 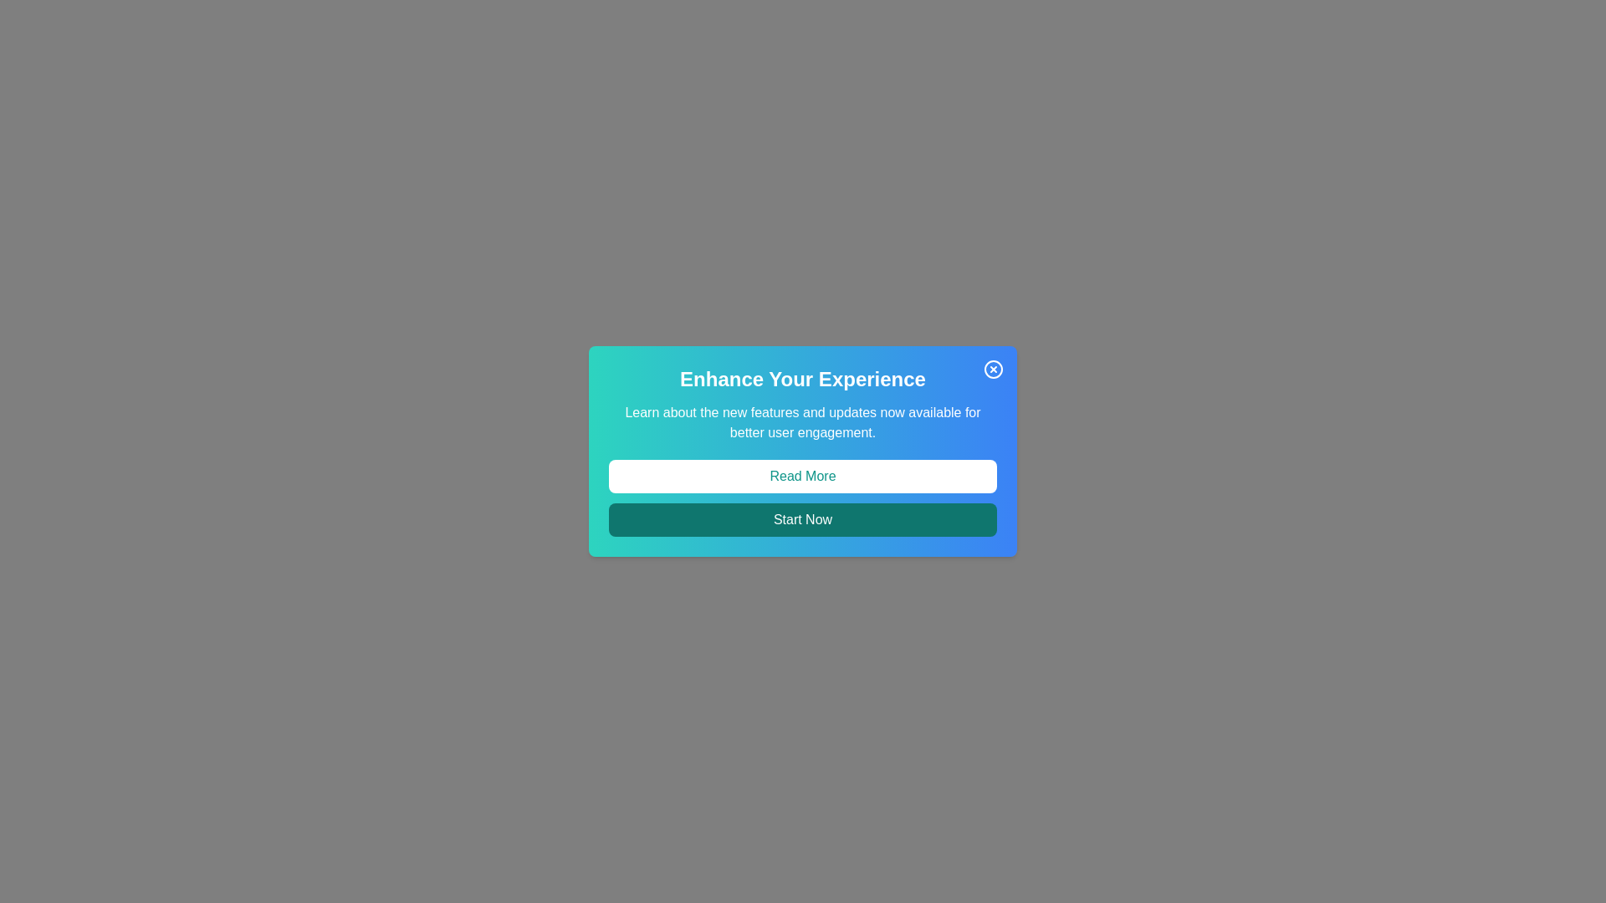 I want to click on 'Start Now' button to proceed, so click(x=803, y=518).